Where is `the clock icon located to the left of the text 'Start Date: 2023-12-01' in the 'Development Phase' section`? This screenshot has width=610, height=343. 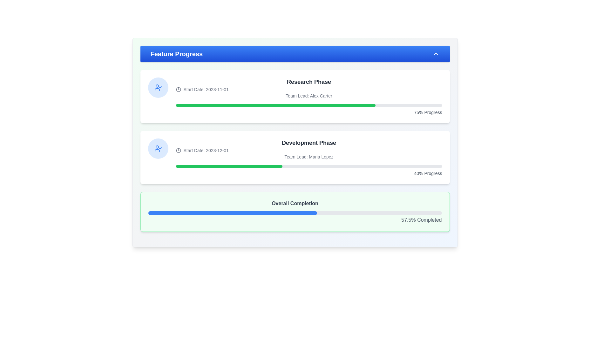
the clock icon located to the left of the text 'Start Date: 2023-12-01' in the 'Development Phase' section is located at coordinates (178, 151).